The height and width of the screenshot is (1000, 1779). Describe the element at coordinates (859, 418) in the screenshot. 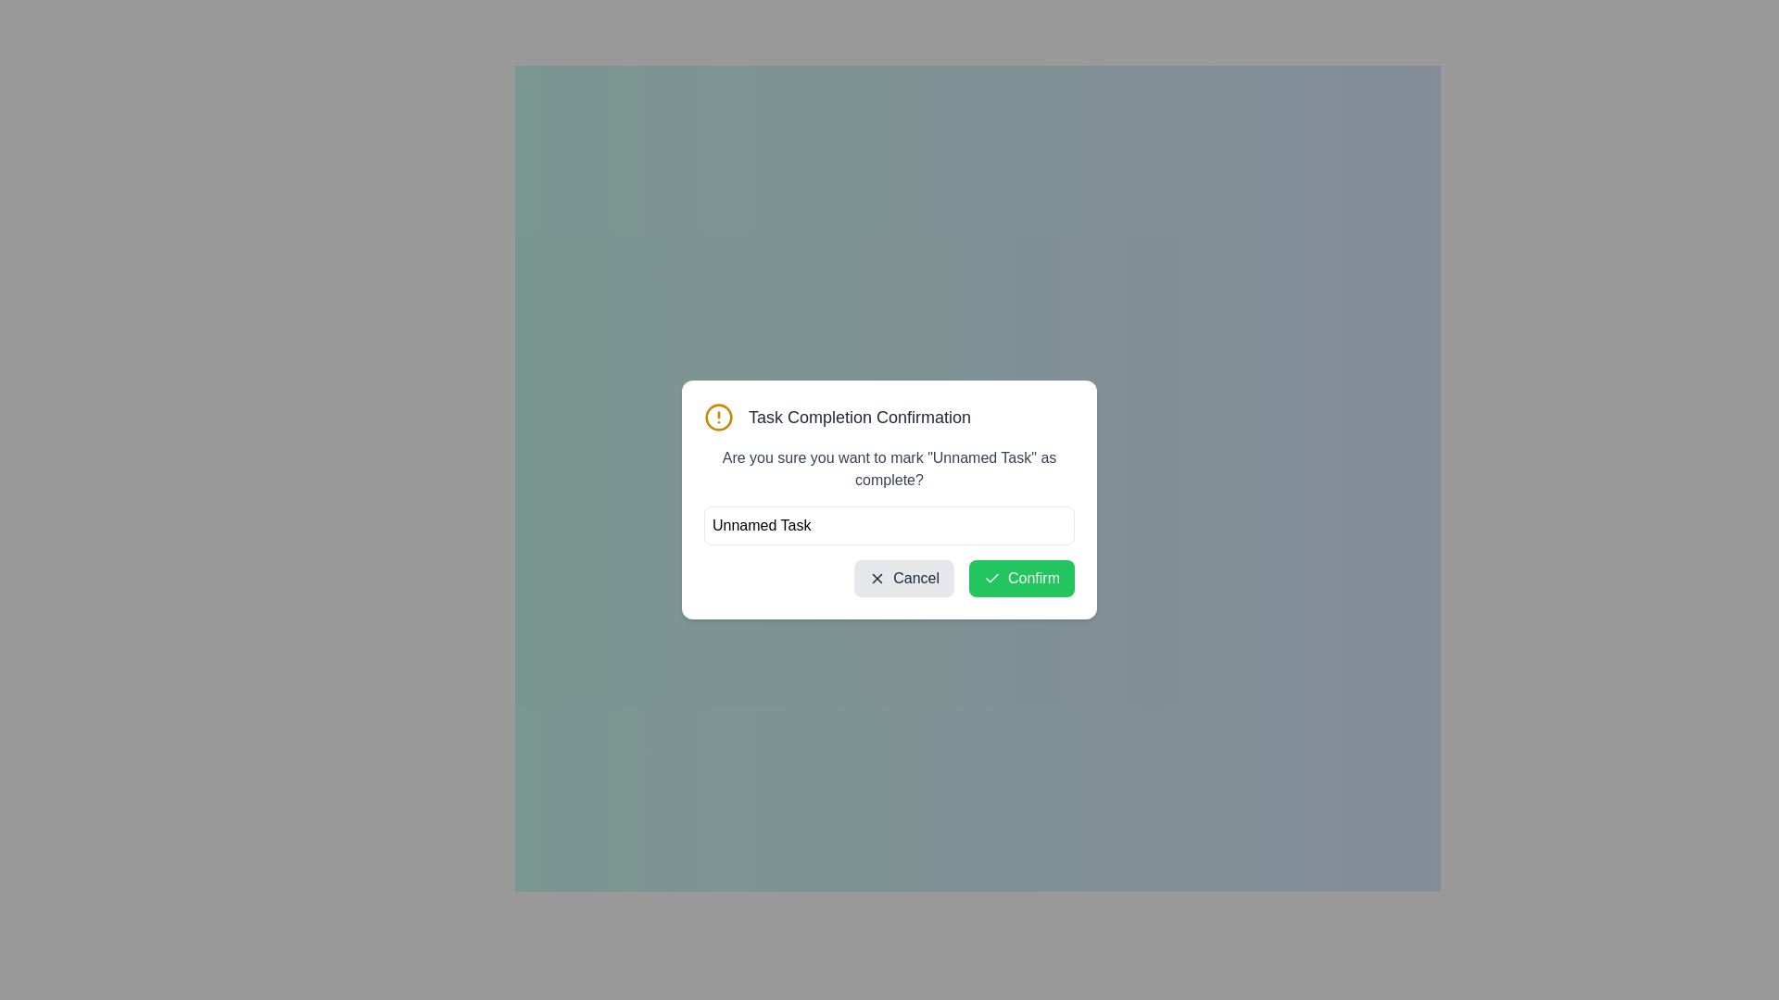

I see `the static text label that reads 'Task Completion Confirmation', which is styled with a medium font weight and gray hue, positioned to the right of a circular warning icon near the top of the modal dialog` at that location.